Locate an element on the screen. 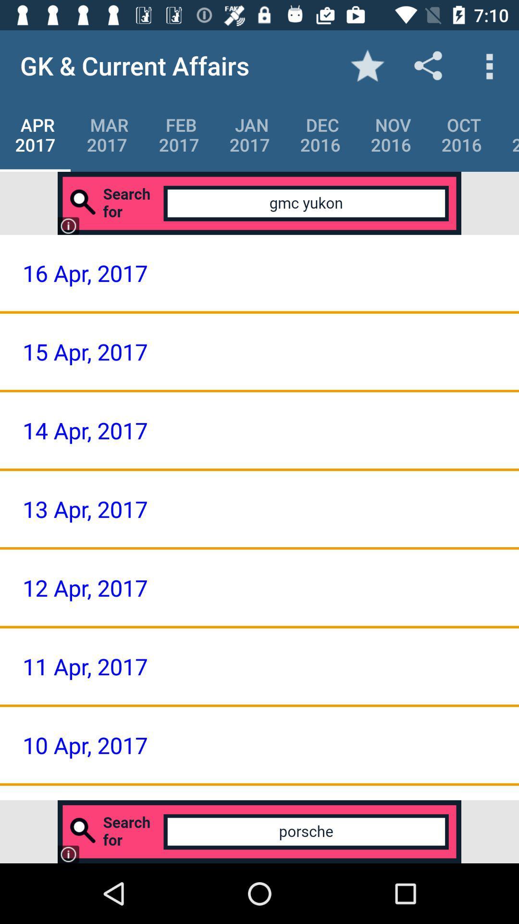 The image size is (519, 924). icon above the  oct is located at coordinates (489, 65).